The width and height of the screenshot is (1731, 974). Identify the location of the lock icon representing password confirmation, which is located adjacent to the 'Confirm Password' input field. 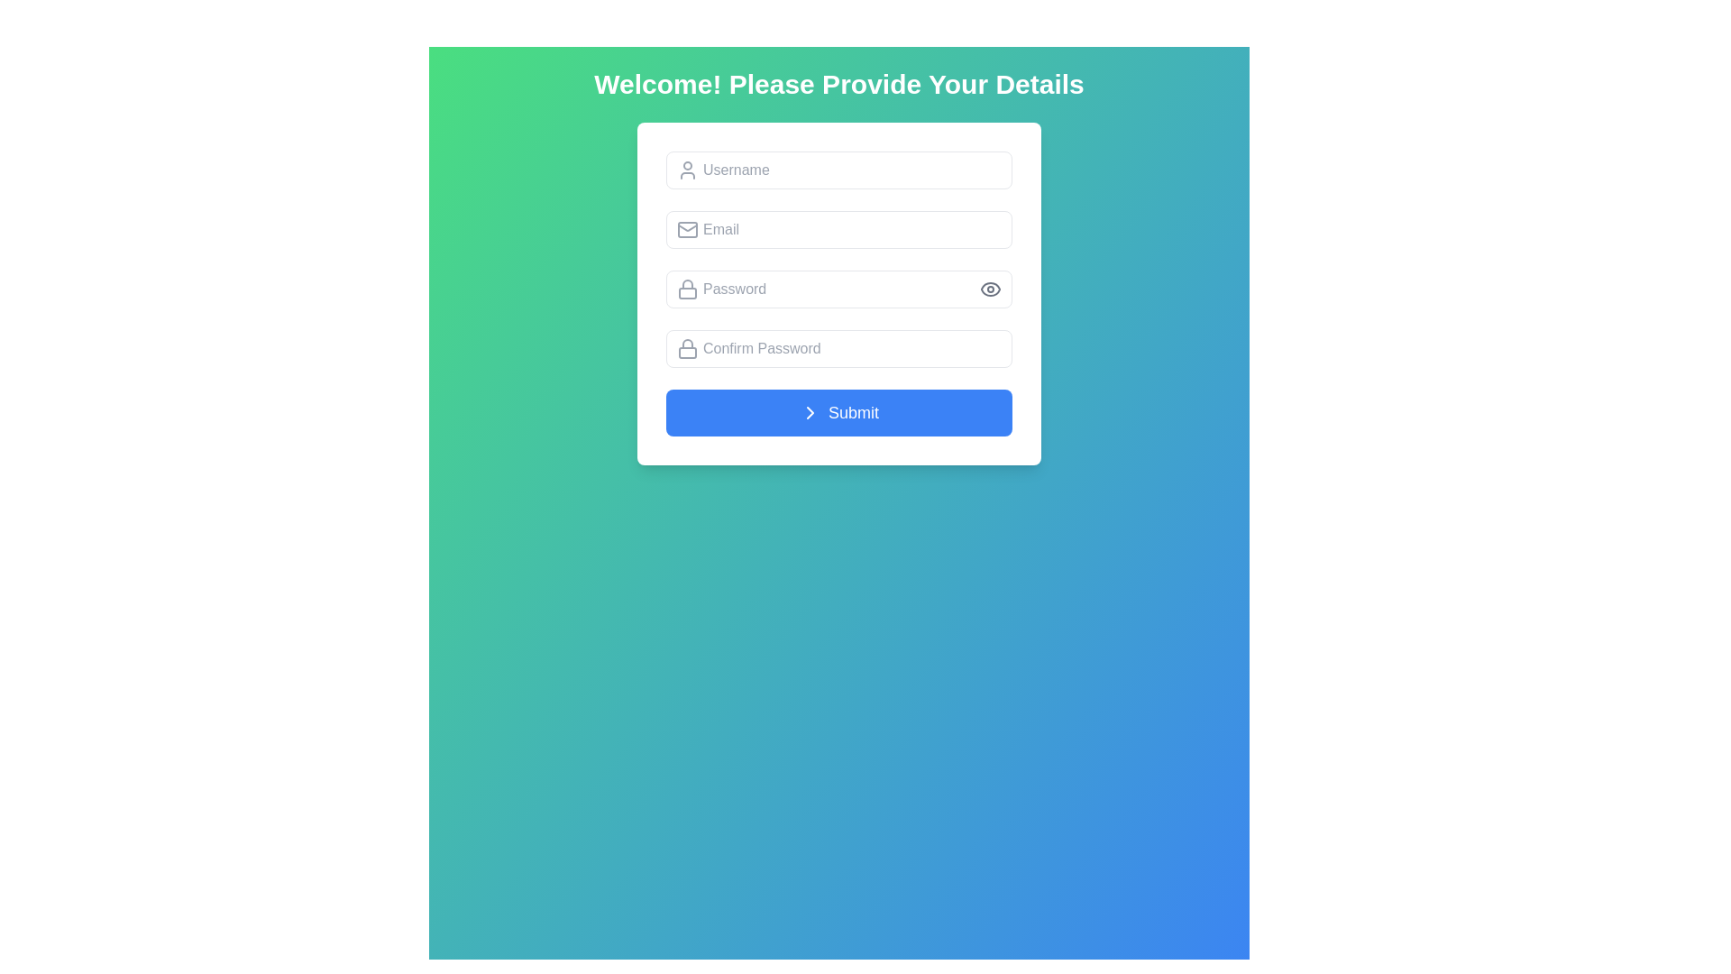
(687, 344).